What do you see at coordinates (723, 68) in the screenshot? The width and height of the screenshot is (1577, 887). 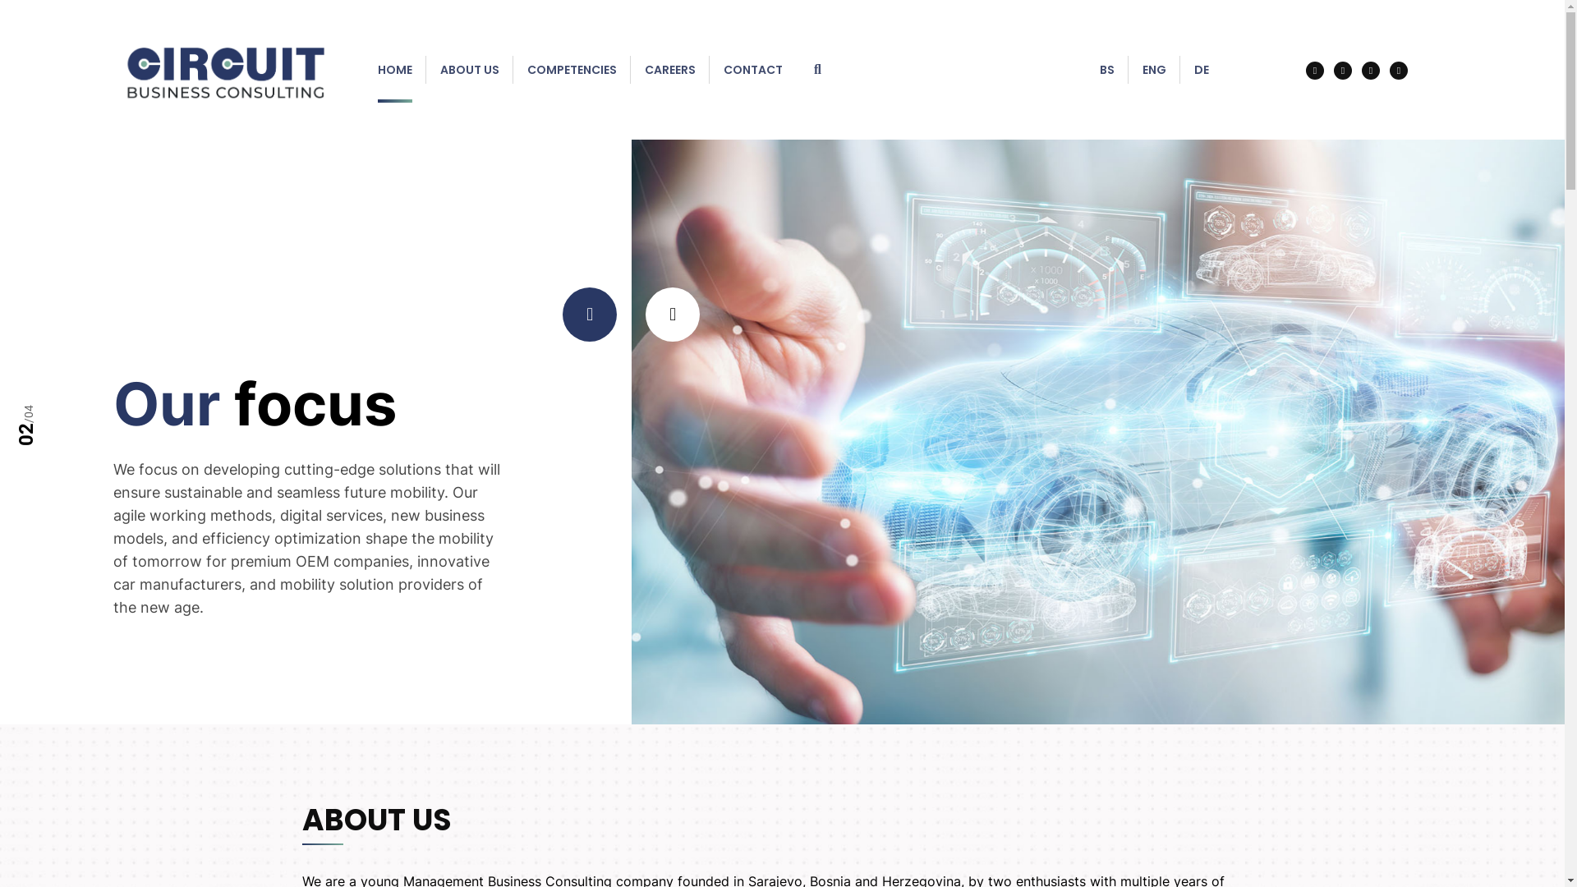 I see `'CONTACT'` at bounding box center [723, 68].